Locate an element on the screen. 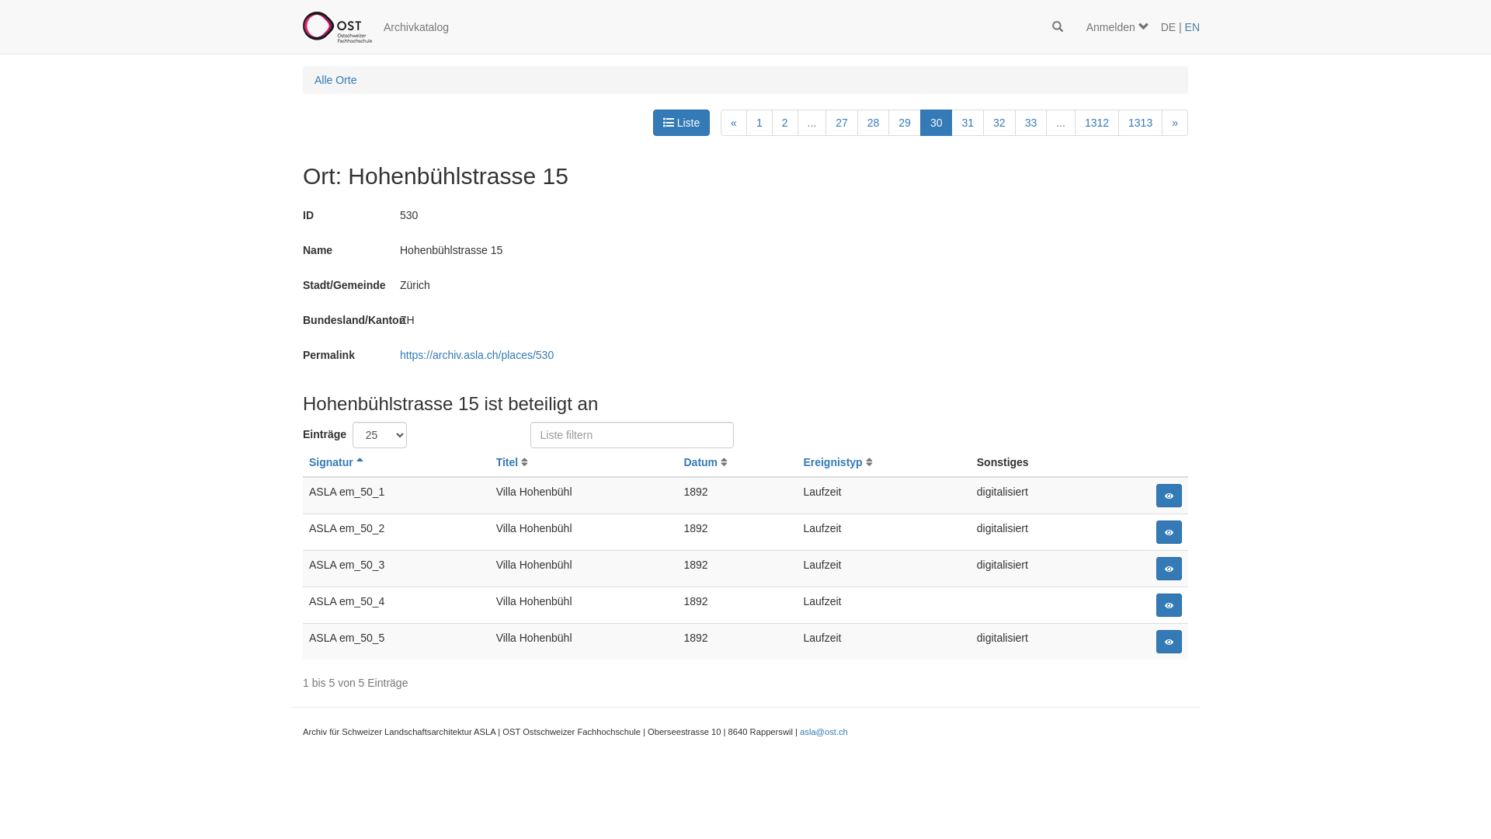  'Detail' is located at coordinates (1169, 641).